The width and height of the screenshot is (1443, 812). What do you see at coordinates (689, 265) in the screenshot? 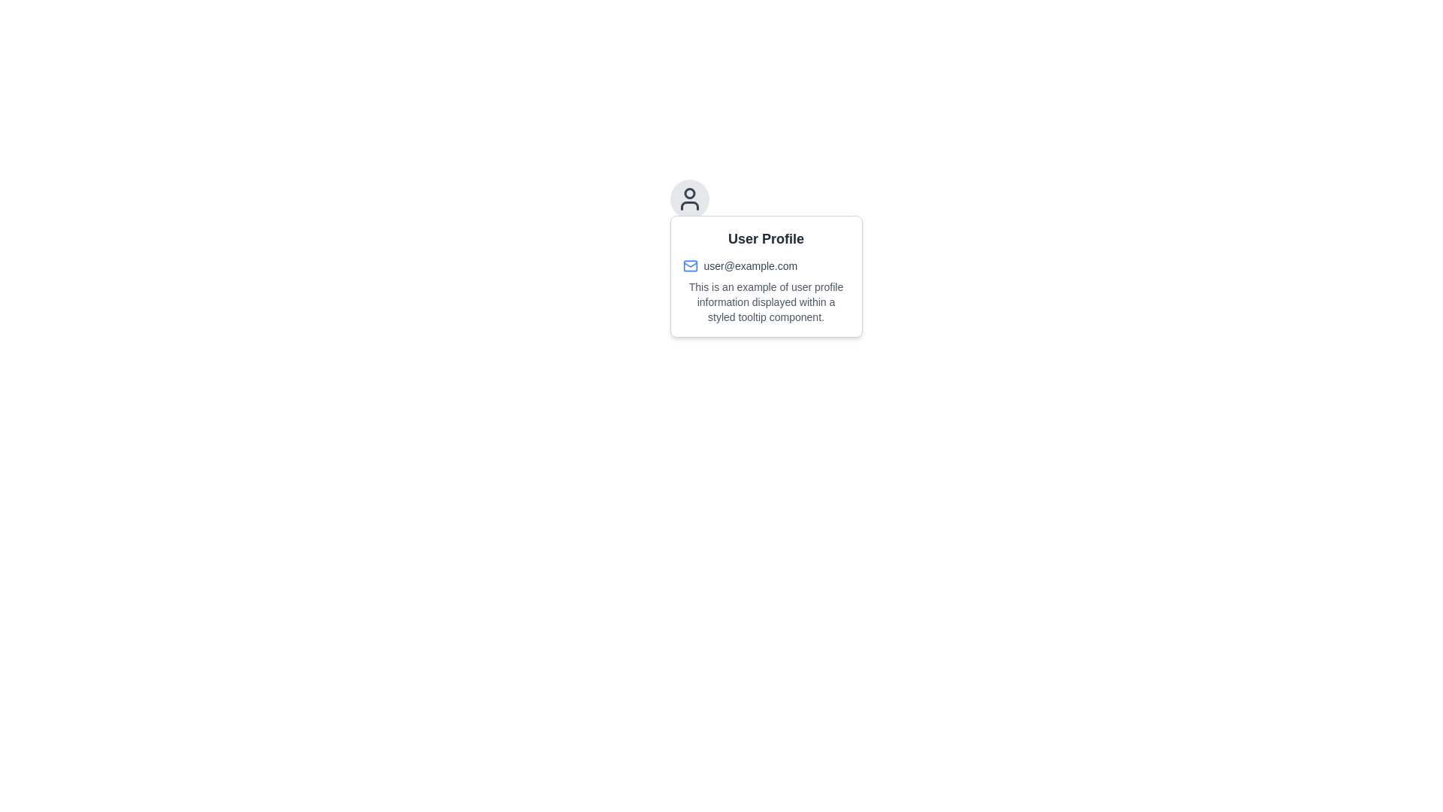
I see `the User Profile section by clicking on the blue mail icon, which is positioned beside the user's email address 'user@example.com'` at bounding box center [689, 265].